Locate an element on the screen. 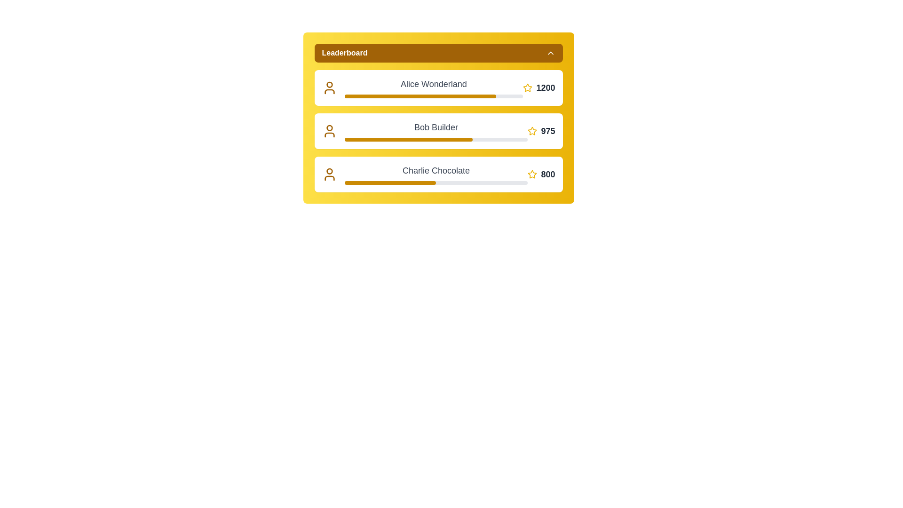  Label displaying the name 'Alice Wonderland' in the top entry of the leaderboard, which is positioned above the numerical value '1200' is located at coordinates (433, 87).